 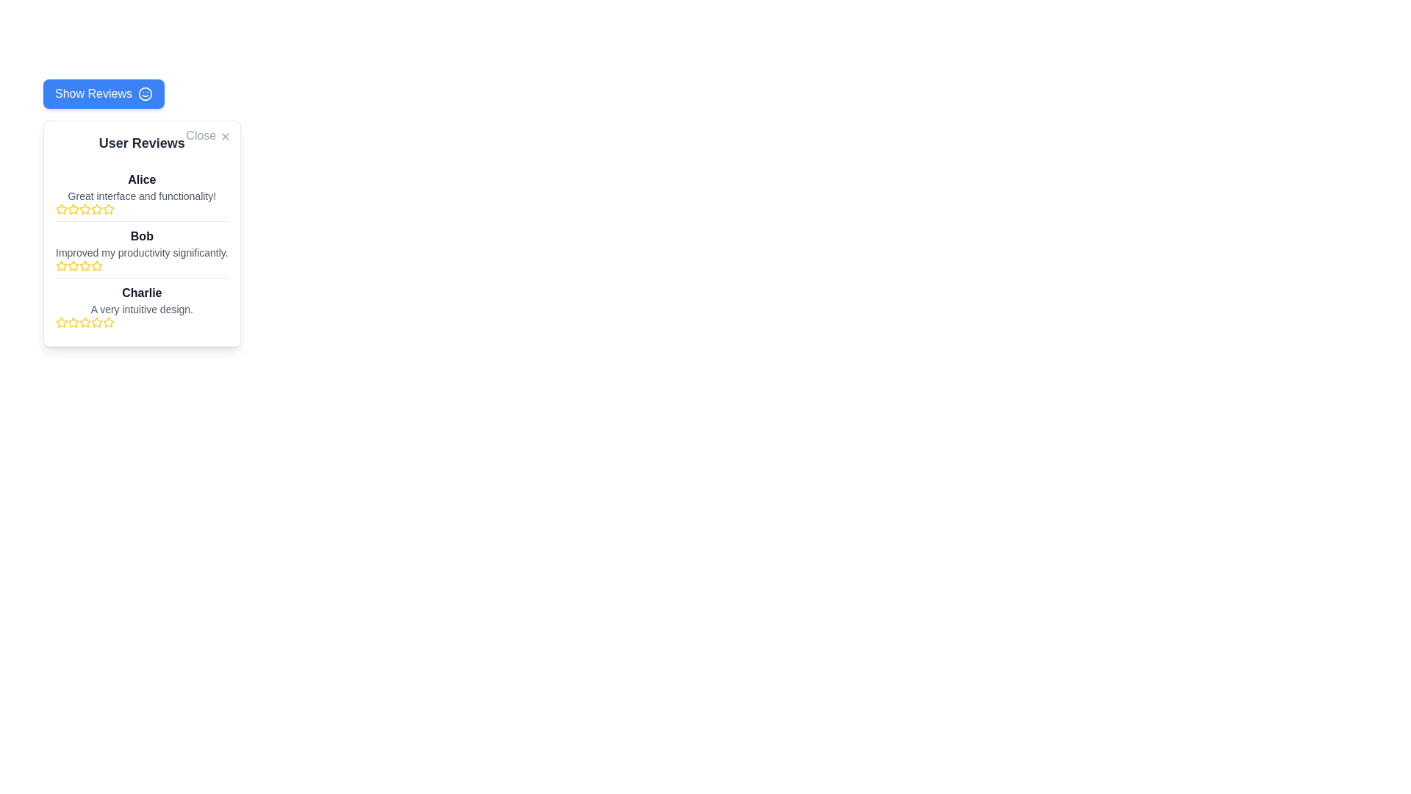 What do you see at coordinates (84, 266) in the screenshot?
I see `the fourth star in the 5-star rating system beneath the review text 'Improved my productivity significantly.' in the 'User Reviews' section for user 'Bob'` at bounding box center [84, 266].